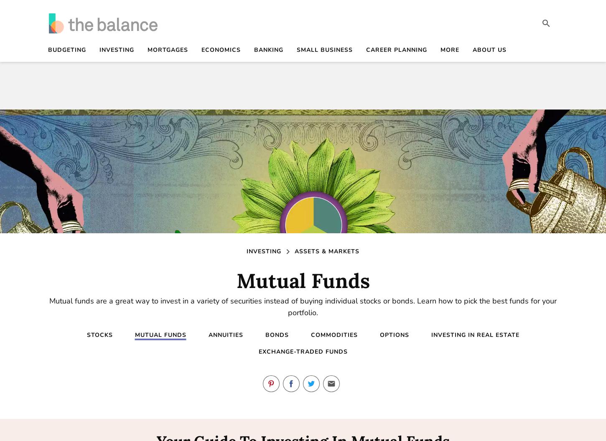 The width and height of the screenshot is (606, 441). What do you see at coordinates (302, 352) in the screenshot?
I see `'Exchange-Traded Funds'` at bounding box center [302, 352].